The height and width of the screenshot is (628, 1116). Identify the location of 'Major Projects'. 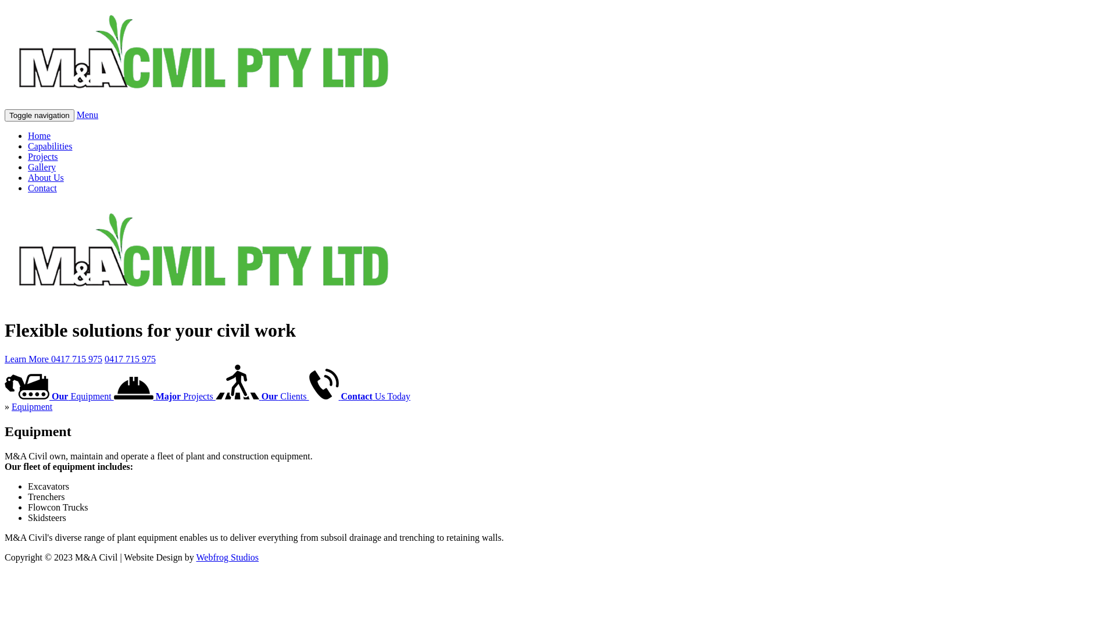
(164, 395).